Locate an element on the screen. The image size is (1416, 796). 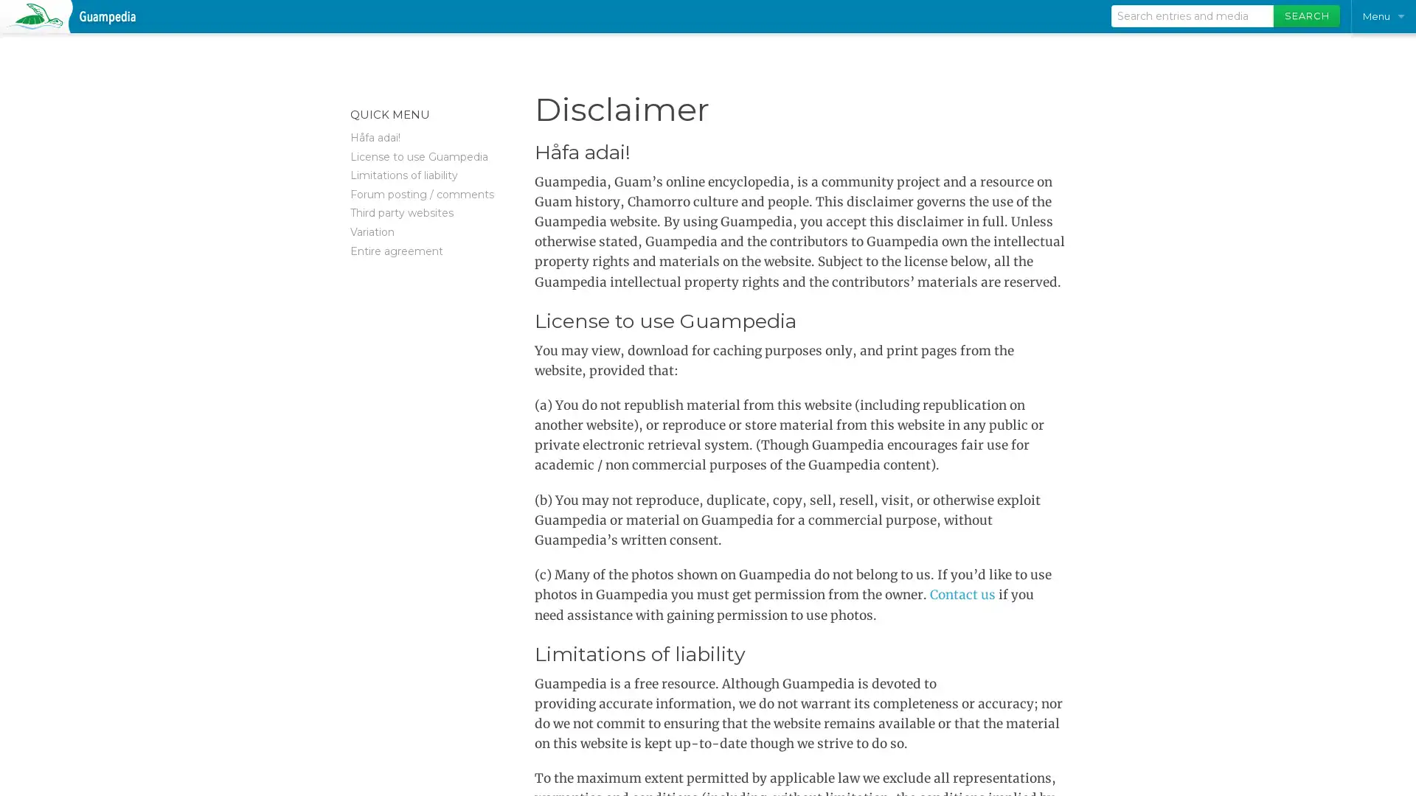
Search is located at coordinates (1306, 16).